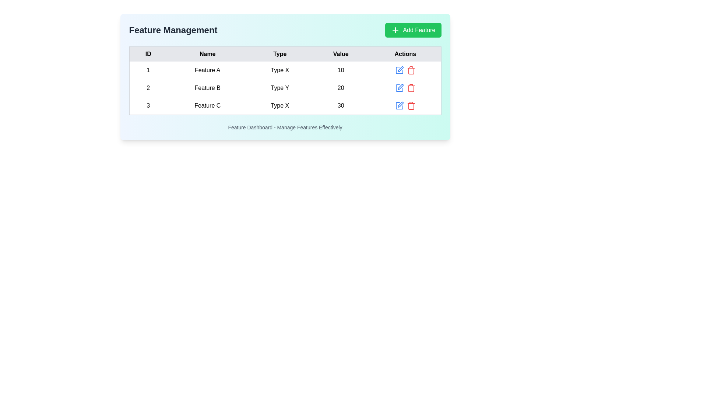  Describe the element at coordinates (395, 29) in the screenshot. I see `the '+' icon with a green background that is part of the 'Add Feature' button, located in the top right corner above the table listing features` at that location.